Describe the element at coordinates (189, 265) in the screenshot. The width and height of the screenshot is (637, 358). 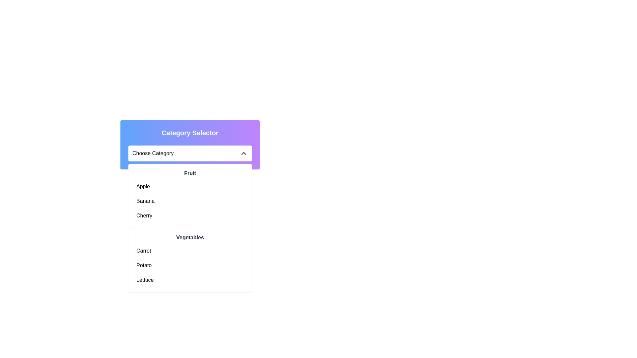
I see `the 'Potato' option in the dropdown menu` at that location.